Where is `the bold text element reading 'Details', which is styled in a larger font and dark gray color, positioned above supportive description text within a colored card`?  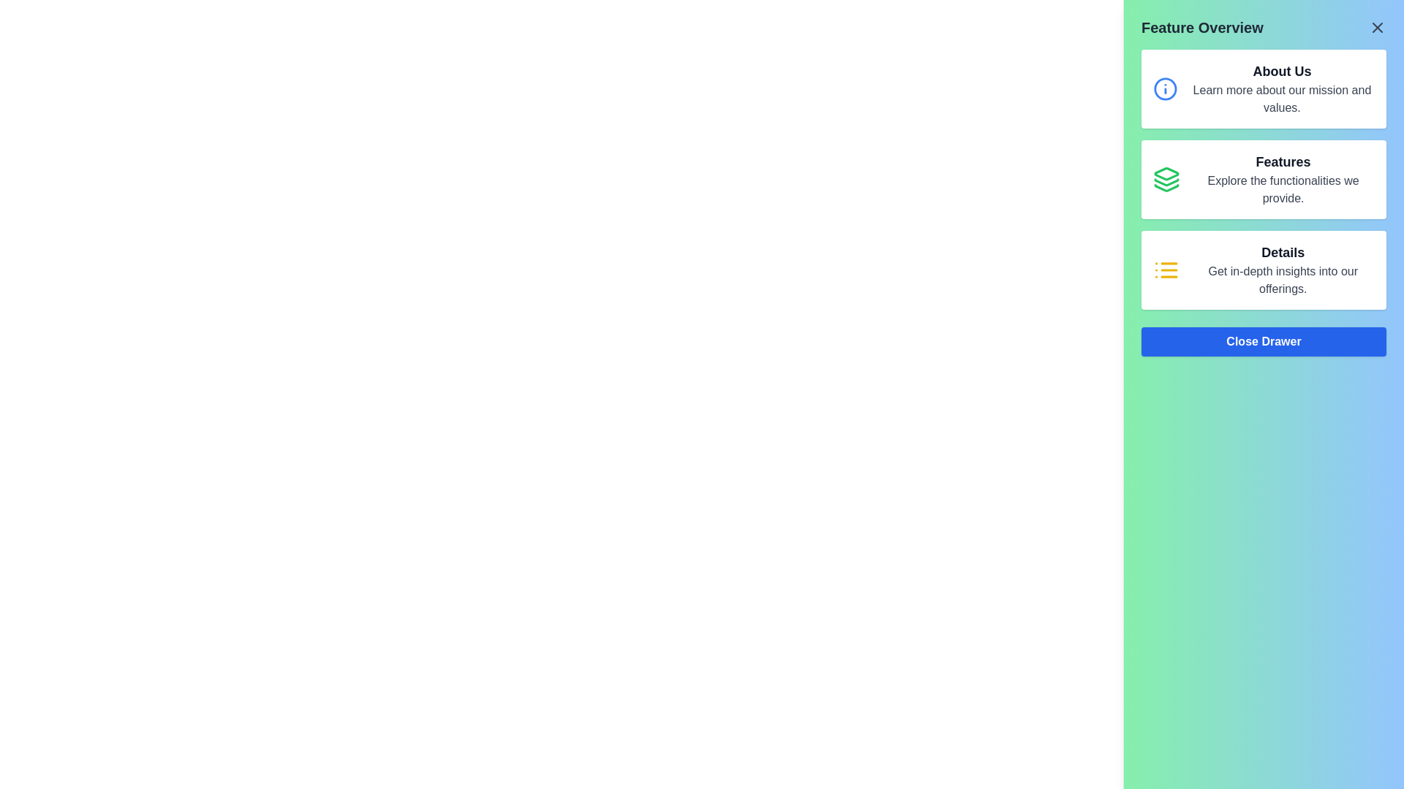 the bold text element reading 'Details', which is styled in a larger font and dark gray color, positioned above supportive description text within a colored card is located at coordinates (1282, 252).